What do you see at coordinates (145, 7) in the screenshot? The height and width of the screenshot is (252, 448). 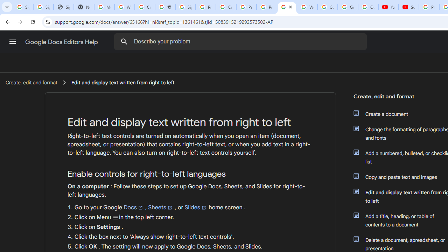 I see `'Create your Google Account'` at bounding box center [145, 7].